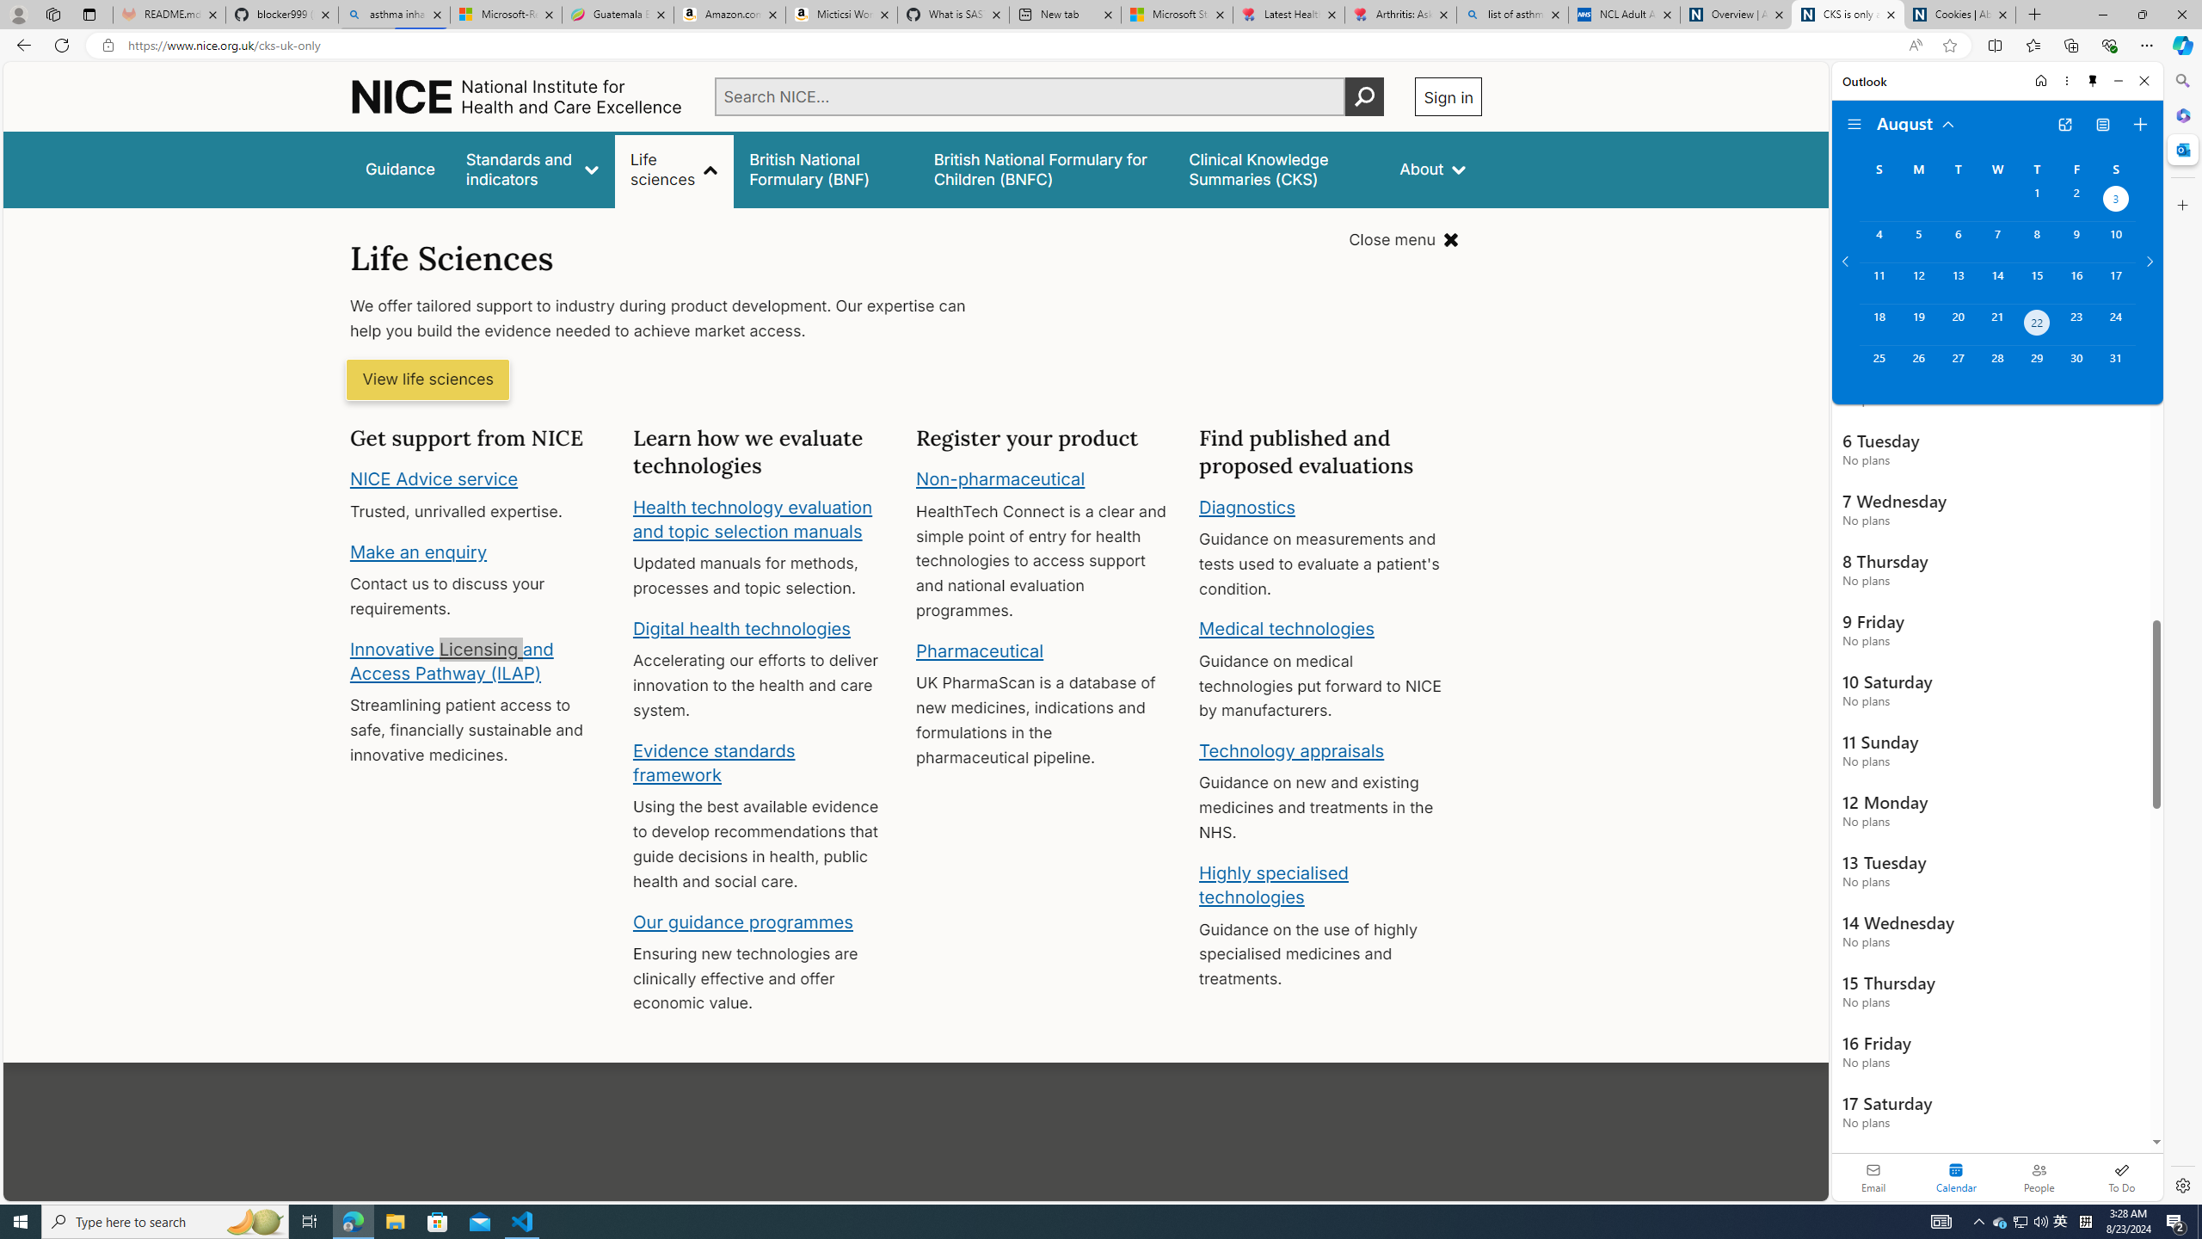 The height and width of the screenshot is (1239, 2202). I want to click on 'August', so click(1916, 121).